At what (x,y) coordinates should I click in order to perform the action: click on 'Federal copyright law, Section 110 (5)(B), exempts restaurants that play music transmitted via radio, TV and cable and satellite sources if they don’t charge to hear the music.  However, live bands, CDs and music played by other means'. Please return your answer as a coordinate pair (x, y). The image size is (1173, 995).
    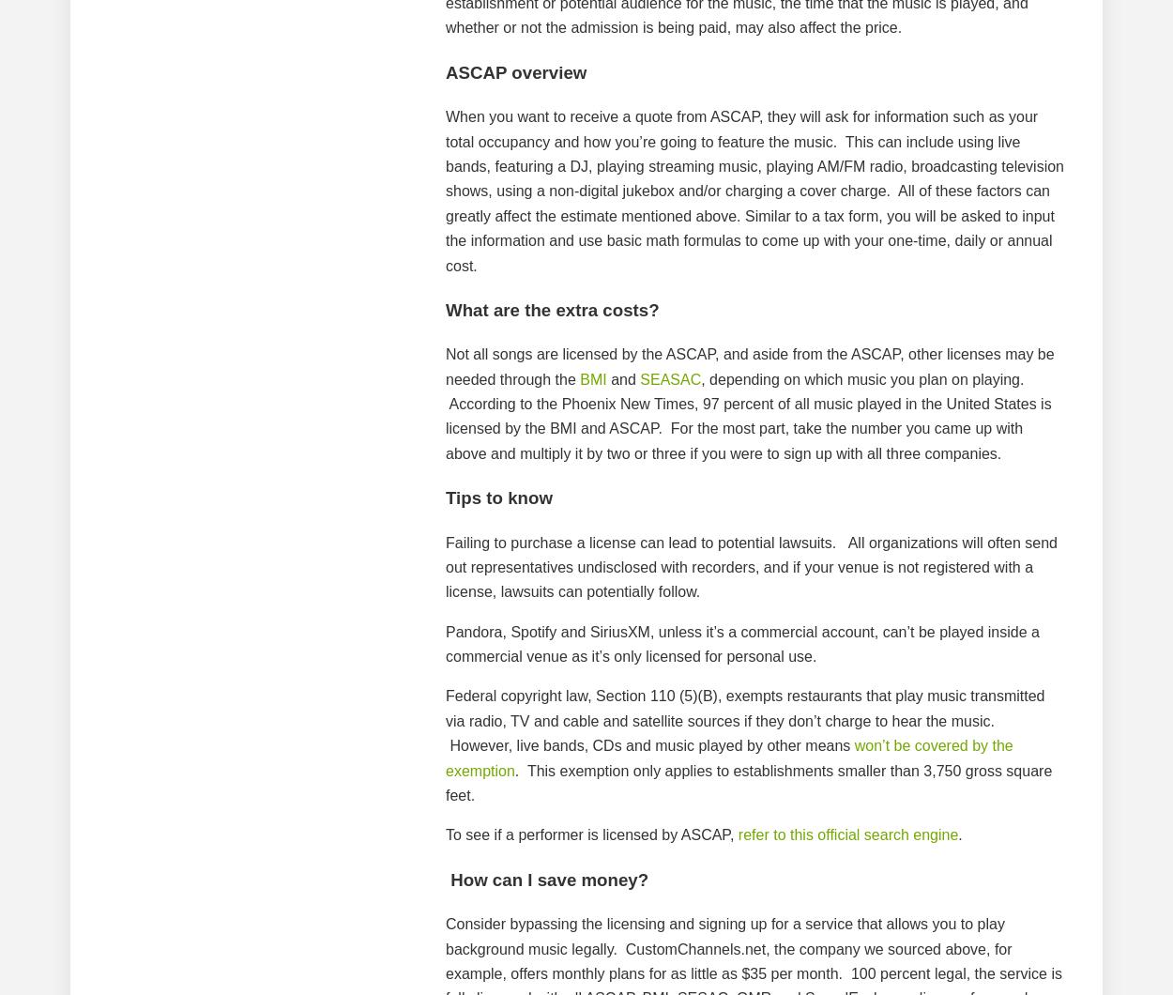
    Looking at the image, I should click on (745, 719).